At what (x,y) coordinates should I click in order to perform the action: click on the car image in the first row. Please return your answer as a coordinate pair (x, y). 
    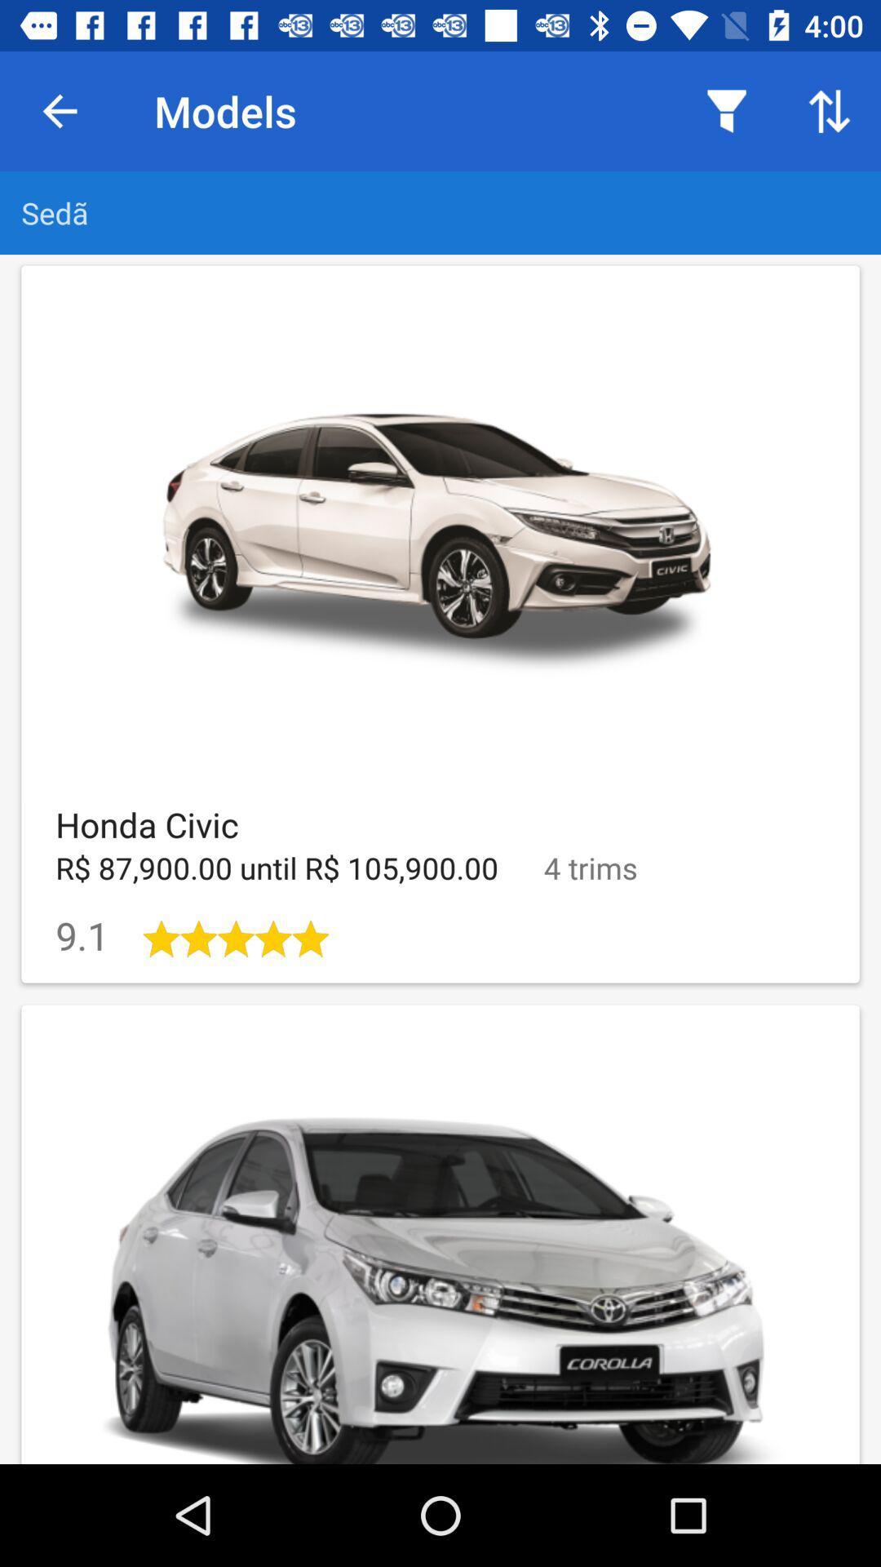
    Looking at the image, I should click on (440, 533).